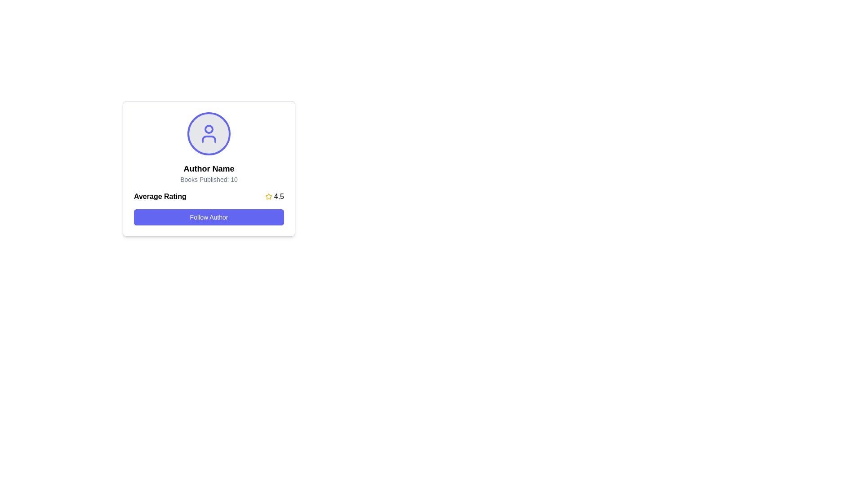 This screenshot has height=485, width=863. Describe the element at coordinates (160, 196) in the screenshot. I see `label indicating the average rating located at the bottom left of the card layout, preceding the star icon and rating value` at that location.